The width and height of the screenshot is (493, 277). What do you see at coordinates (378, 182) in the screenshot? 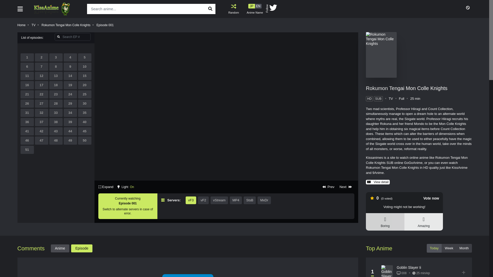
I see `'View detail'` at bounding box center [378, 182].